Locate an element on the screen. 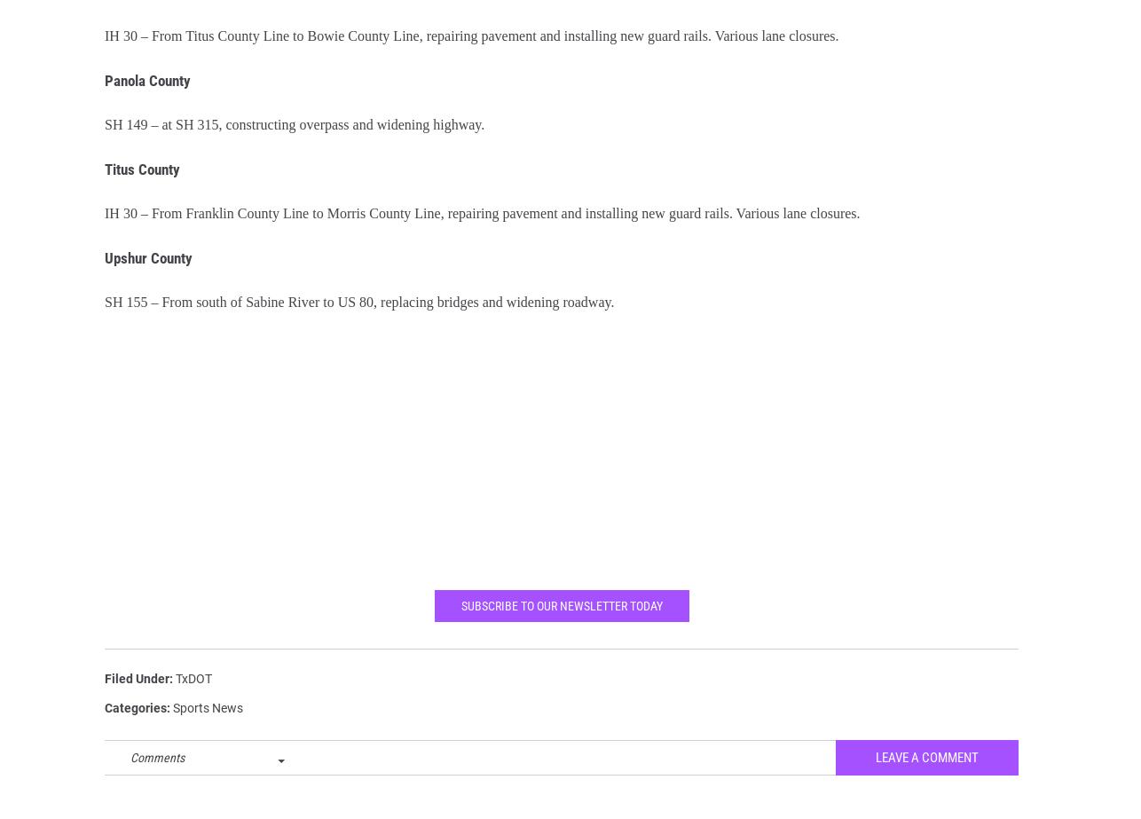 The height and width of the screenshot is (819, 1141). 'Titus County' is located at coordinates (142, 181).